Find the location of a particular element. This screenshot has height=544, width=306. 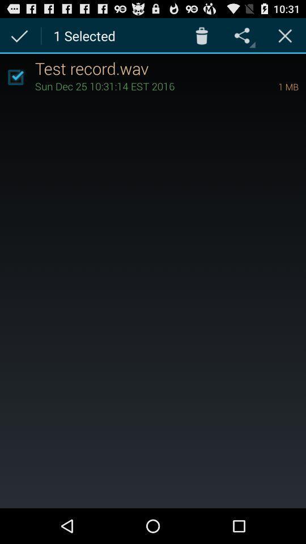

icon below test record.wav icon is located at coordinates (141, 85).